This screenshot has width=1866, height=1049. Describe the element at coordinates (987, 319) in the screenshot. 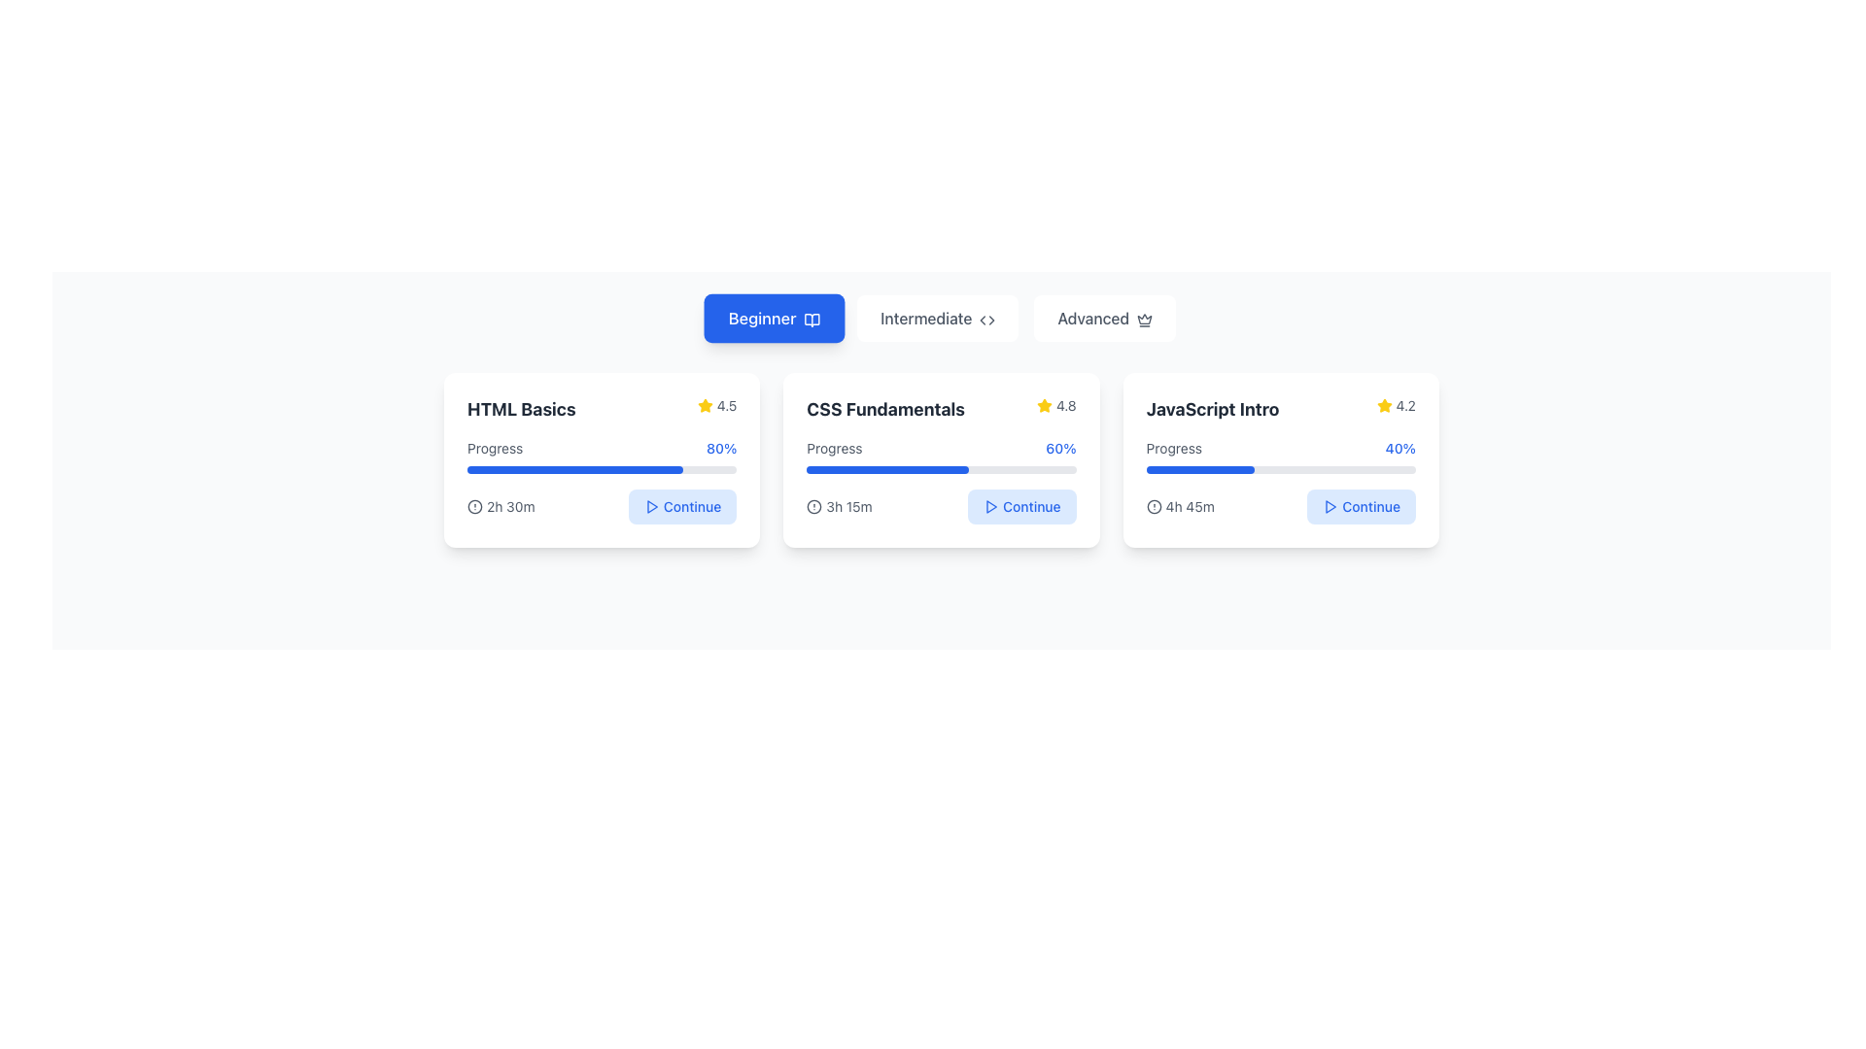

I see `the decorative indicator icon associated with the 'Intermediate' button located in the navigation bar` at that location.